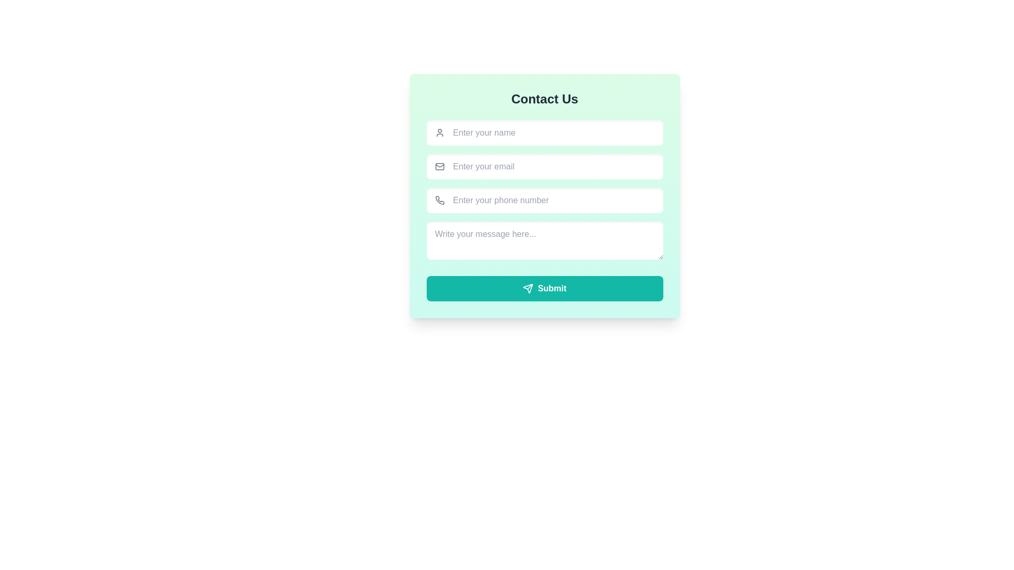 The width and height of the screenshot is (1014, 570). Describe the element at coordinates (544, 196) in the screenshot. I see `the phone number input field in the contact form to focus on it` at that location.